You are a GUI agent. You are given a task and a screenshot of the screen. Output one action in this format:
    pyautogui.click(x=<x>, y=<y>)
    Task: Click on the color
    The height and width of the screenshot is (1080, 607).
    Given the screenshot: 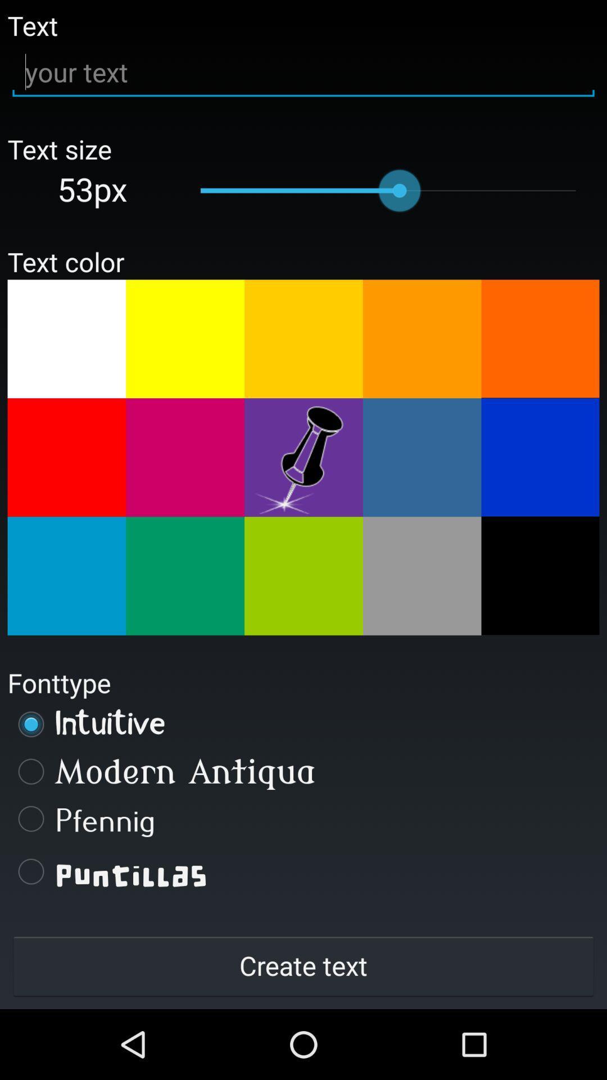 What is the action you would take?
    pyautogui.click(x=540, y=457)
    